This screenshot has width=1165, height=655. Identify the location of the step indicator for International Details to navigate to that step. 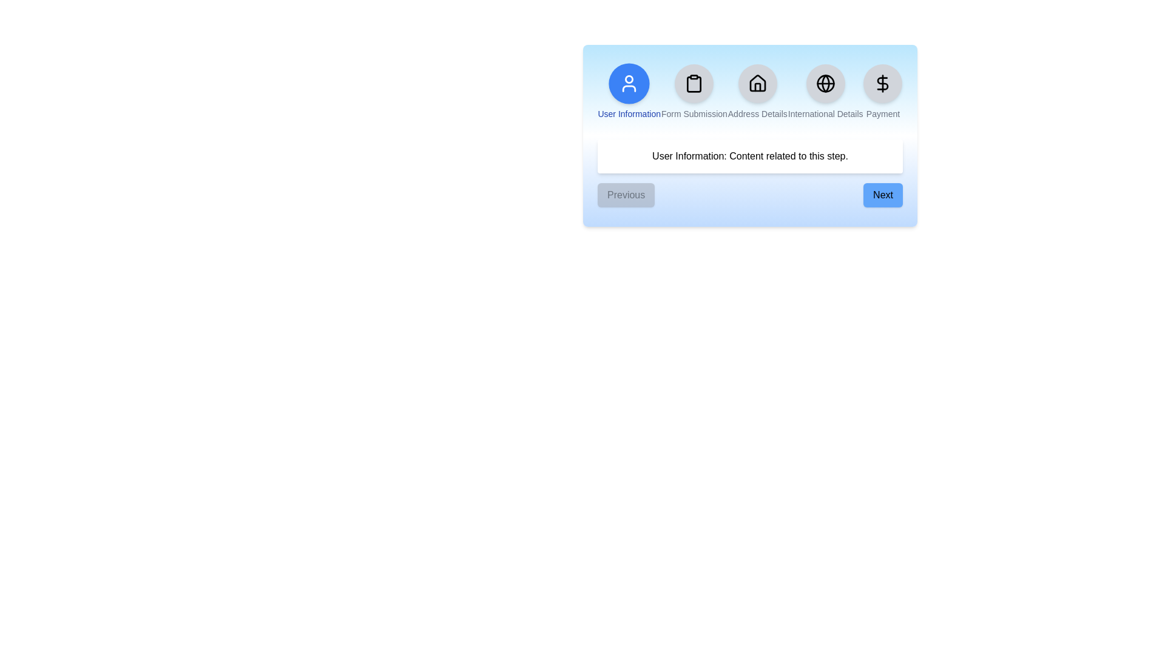
(825, 91).